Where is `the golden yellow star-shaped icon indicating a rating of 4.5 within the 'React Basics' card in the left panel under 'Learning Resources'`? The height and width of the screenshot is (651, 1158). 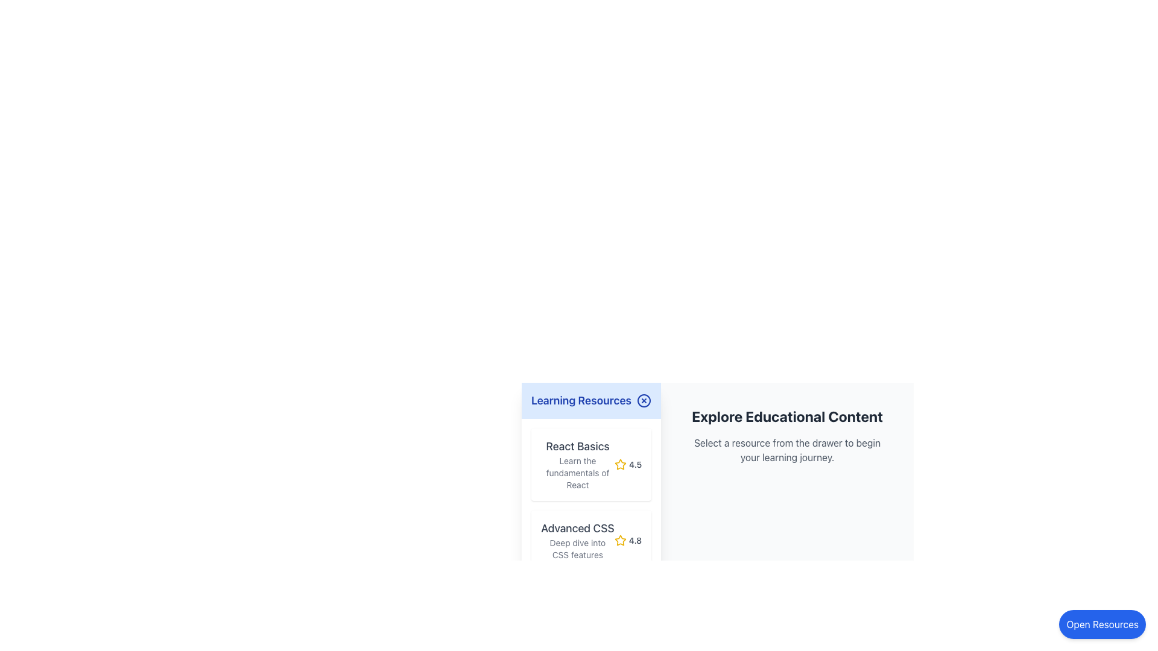
the golden yellow star-shaped icon indicating a rating of 4.5 within the 'React Basics' card in the left panel under 'Learning Resources' is located at coordinates (621, 464).